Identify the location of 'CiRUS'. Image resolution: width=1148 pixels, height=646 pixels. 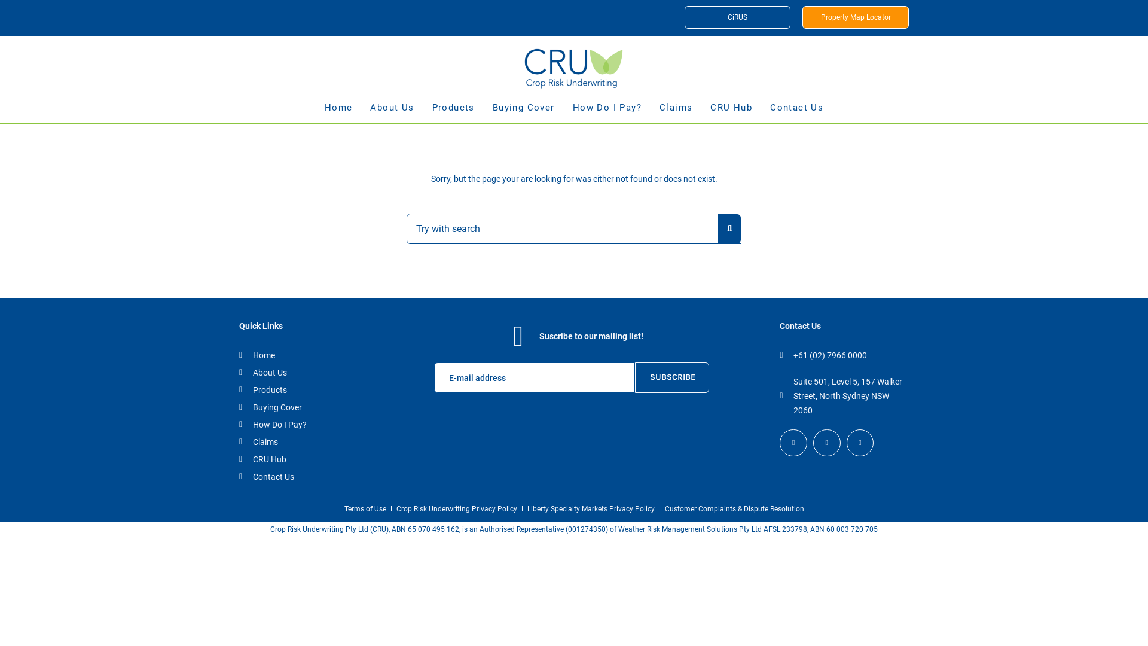
(737, 17).